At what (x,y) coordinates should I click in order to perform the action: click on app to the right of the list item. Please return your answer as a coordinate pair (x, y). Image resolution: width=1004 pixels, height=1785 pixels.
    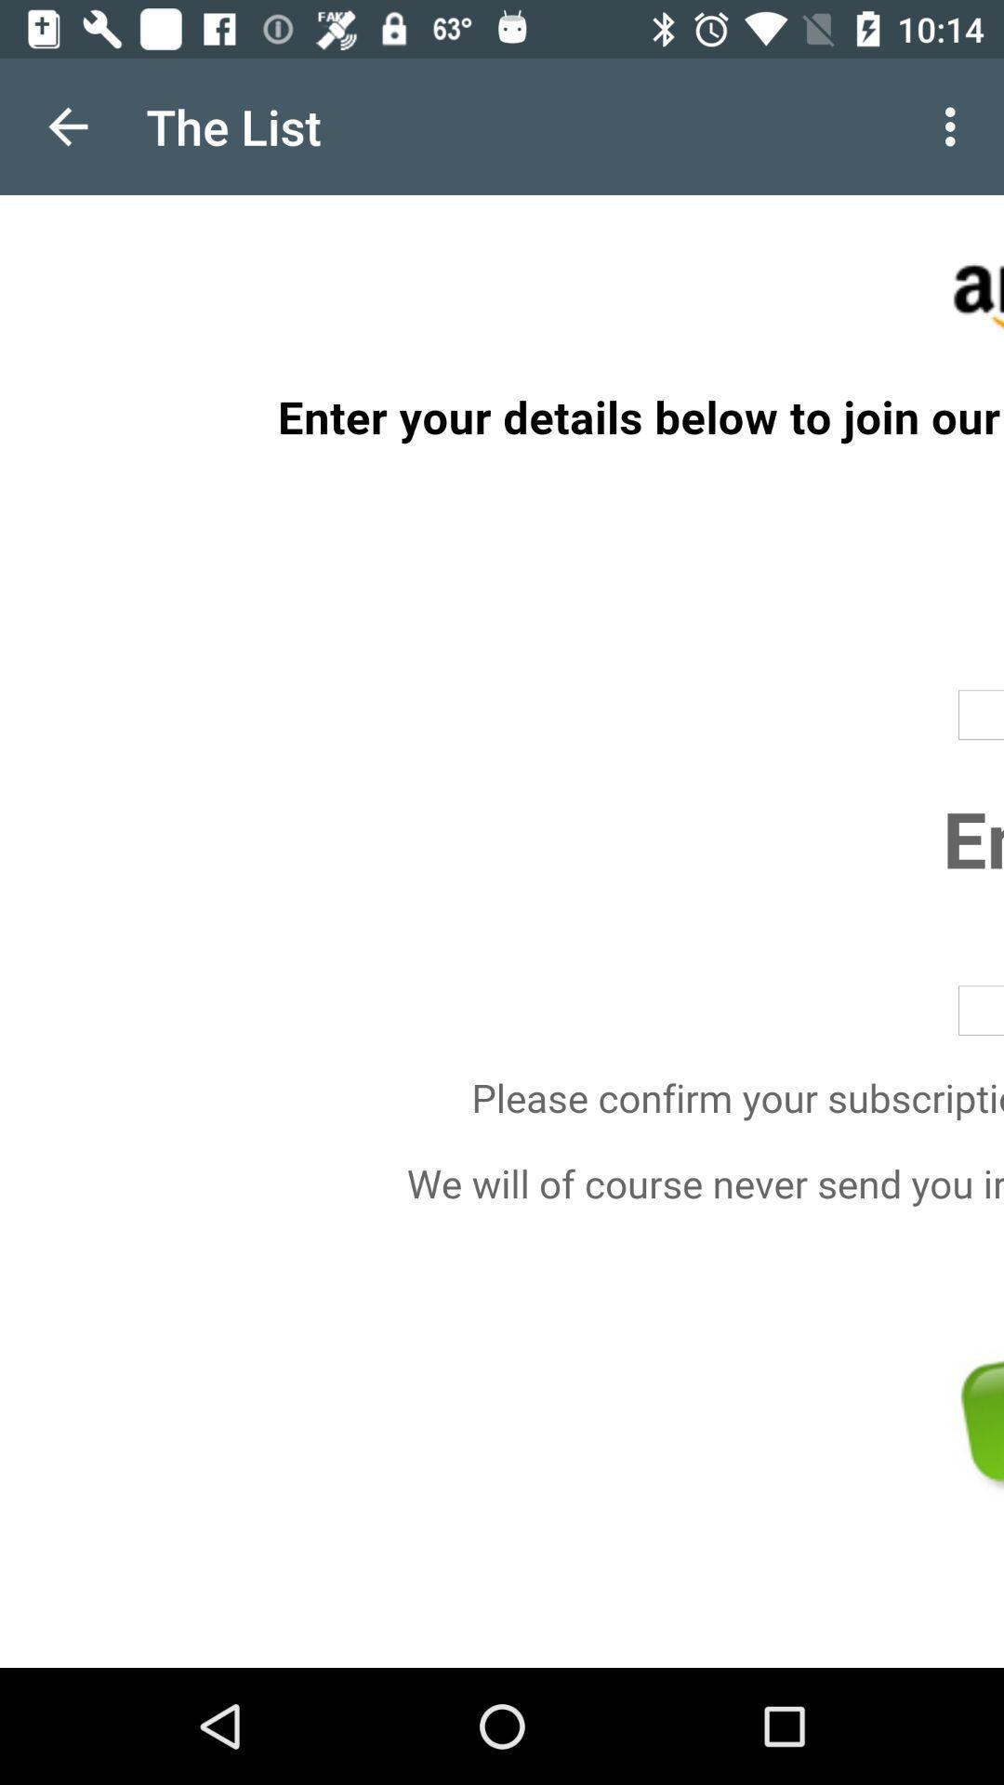
    Looking at the image, I should click on (955, 126).